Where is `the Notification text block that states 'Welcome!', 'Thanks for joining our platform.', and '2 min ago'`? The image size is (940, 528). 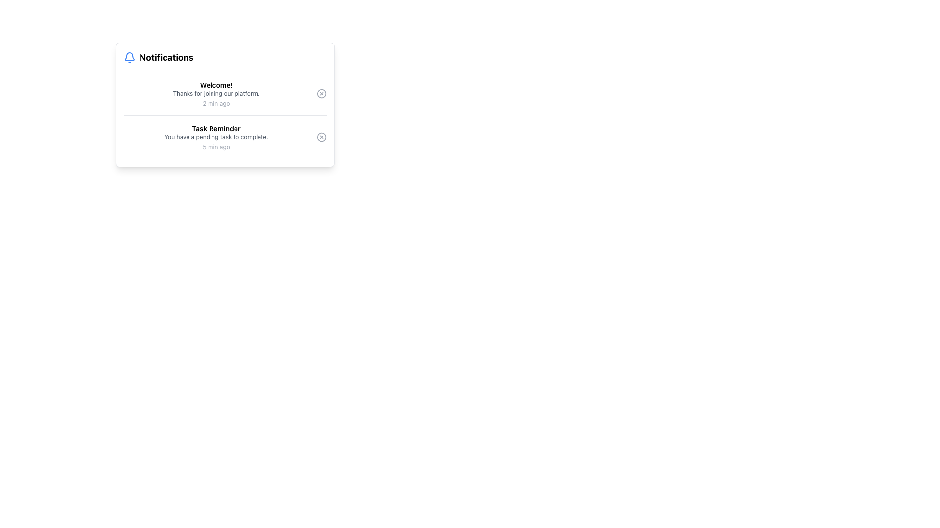
the Notification text block that states 'Welcome!', 'Thanks for joining our platform.', and '2 min ago' is located at coordinates (215, 94).